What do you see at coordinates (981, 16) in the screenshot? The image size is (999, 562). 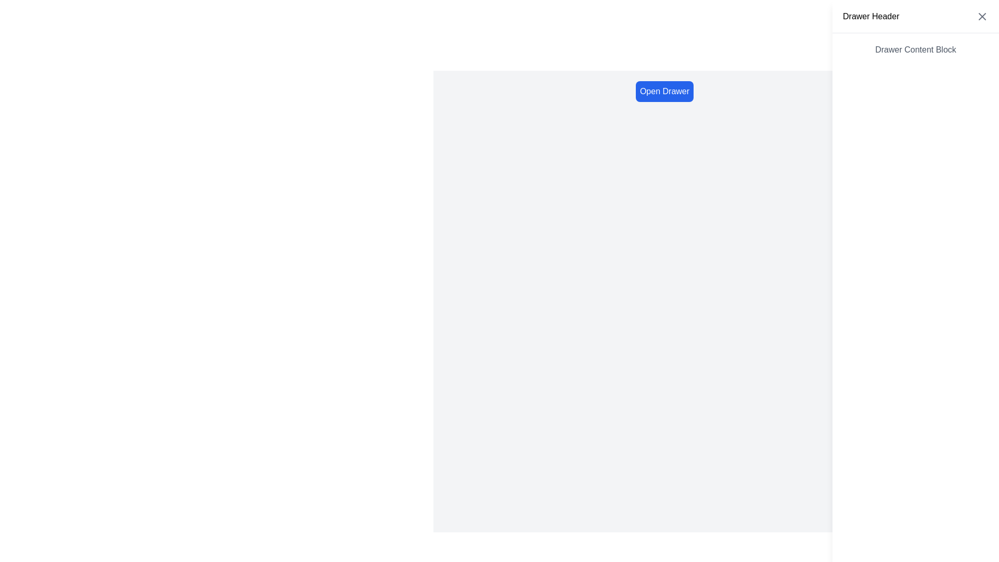 I see `the close button located at the top-right corner of the drawer header by` at bounding box center [981, 16].